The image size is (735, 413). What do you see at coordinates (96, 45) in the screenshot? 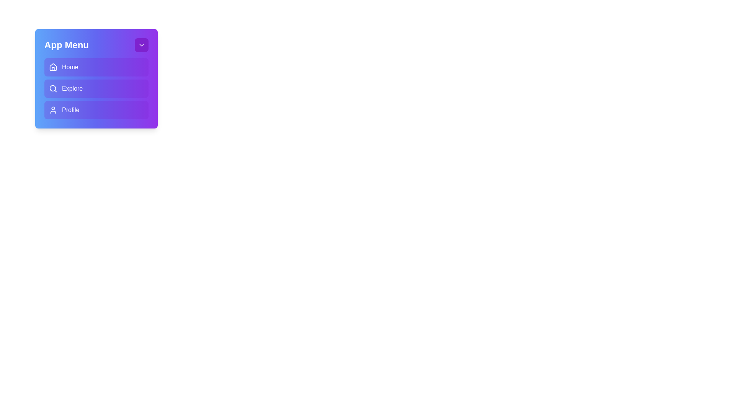
I see `the Dropdown Menu Header labeled 'App Menu'` at bounding box center [96, 45].